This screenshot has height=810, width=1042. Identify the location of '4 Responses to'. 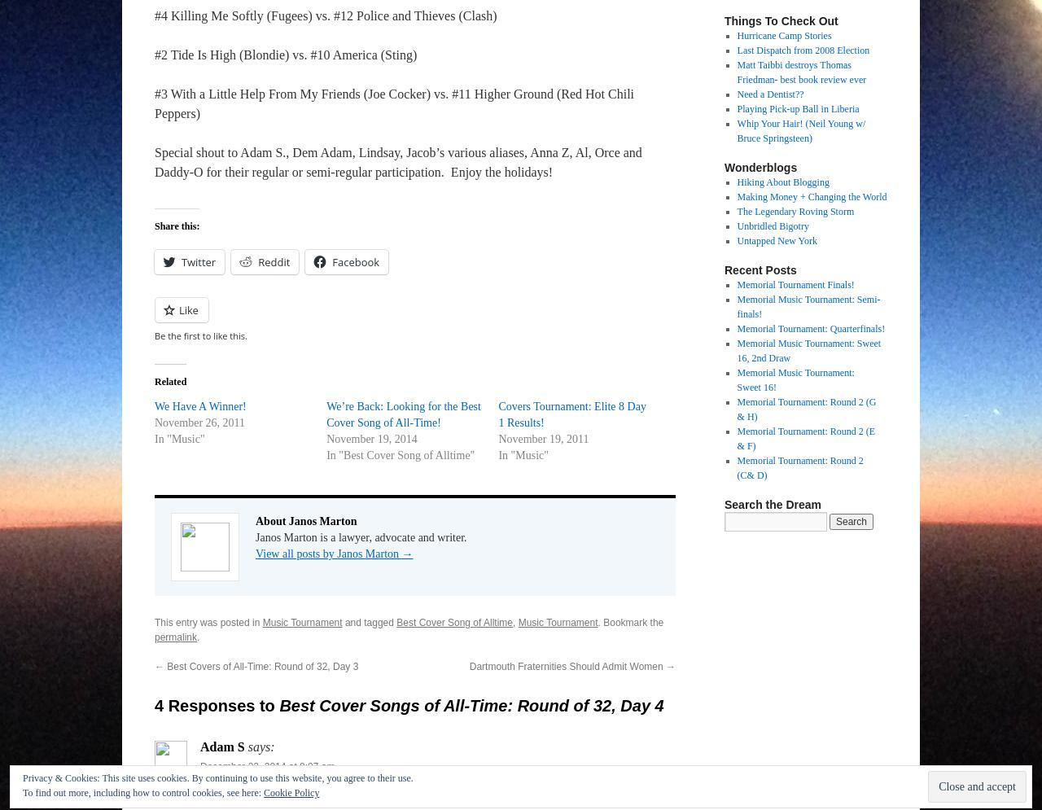
(216, 706).